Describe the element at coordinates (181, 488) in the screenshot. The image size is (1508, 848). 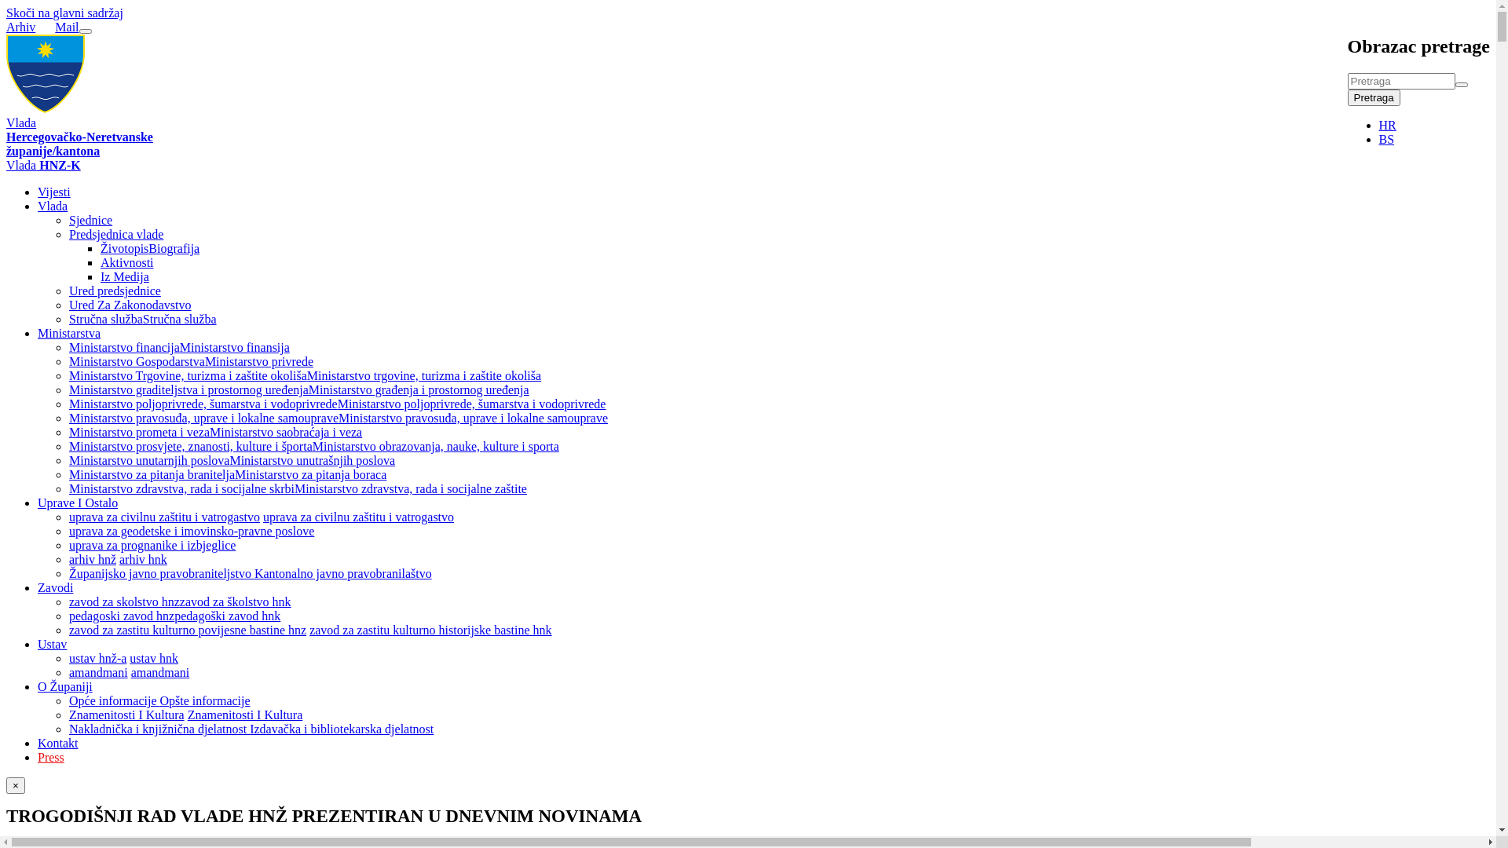
I see `'Ministarstvo zdravstva, rada i socijalne skrbi'` at that location.